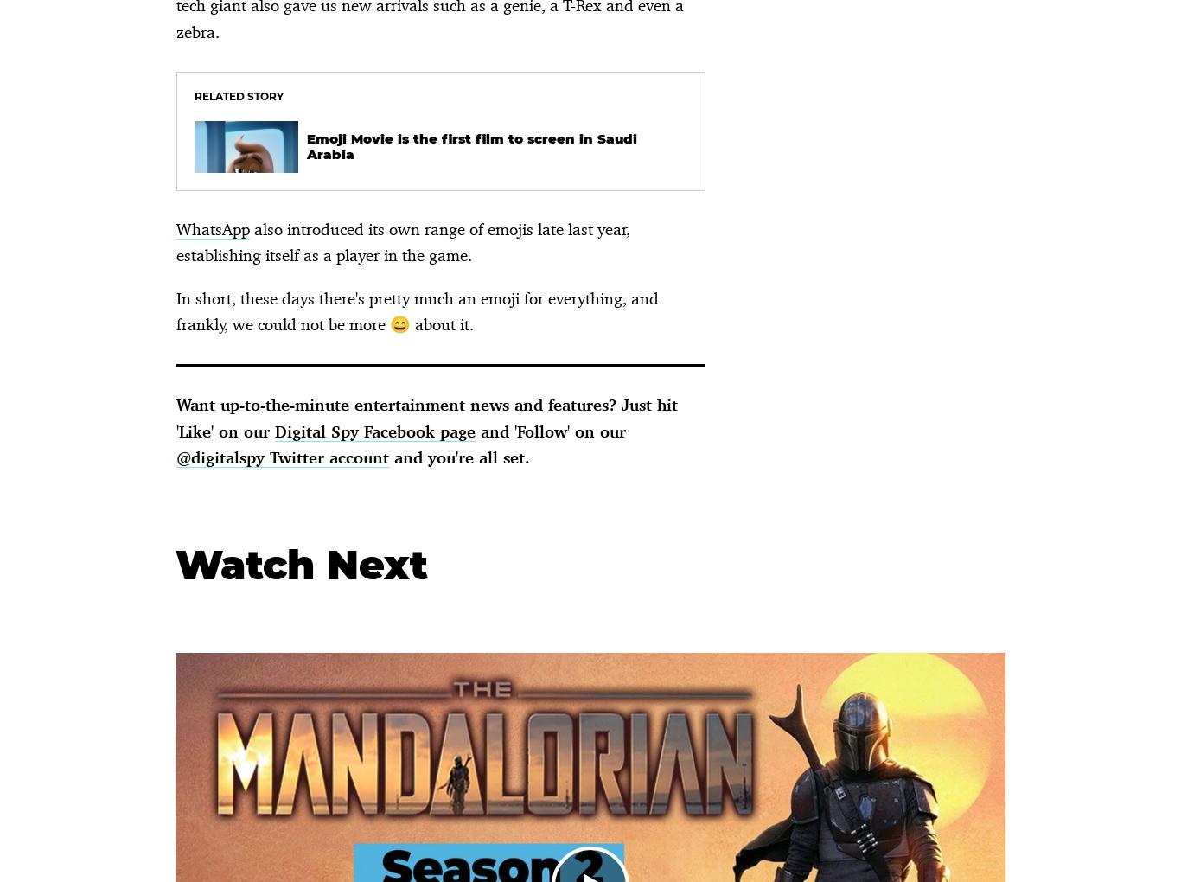 The image size is (1181, 882). I want to click on 'Complaints', so click(590, 205).